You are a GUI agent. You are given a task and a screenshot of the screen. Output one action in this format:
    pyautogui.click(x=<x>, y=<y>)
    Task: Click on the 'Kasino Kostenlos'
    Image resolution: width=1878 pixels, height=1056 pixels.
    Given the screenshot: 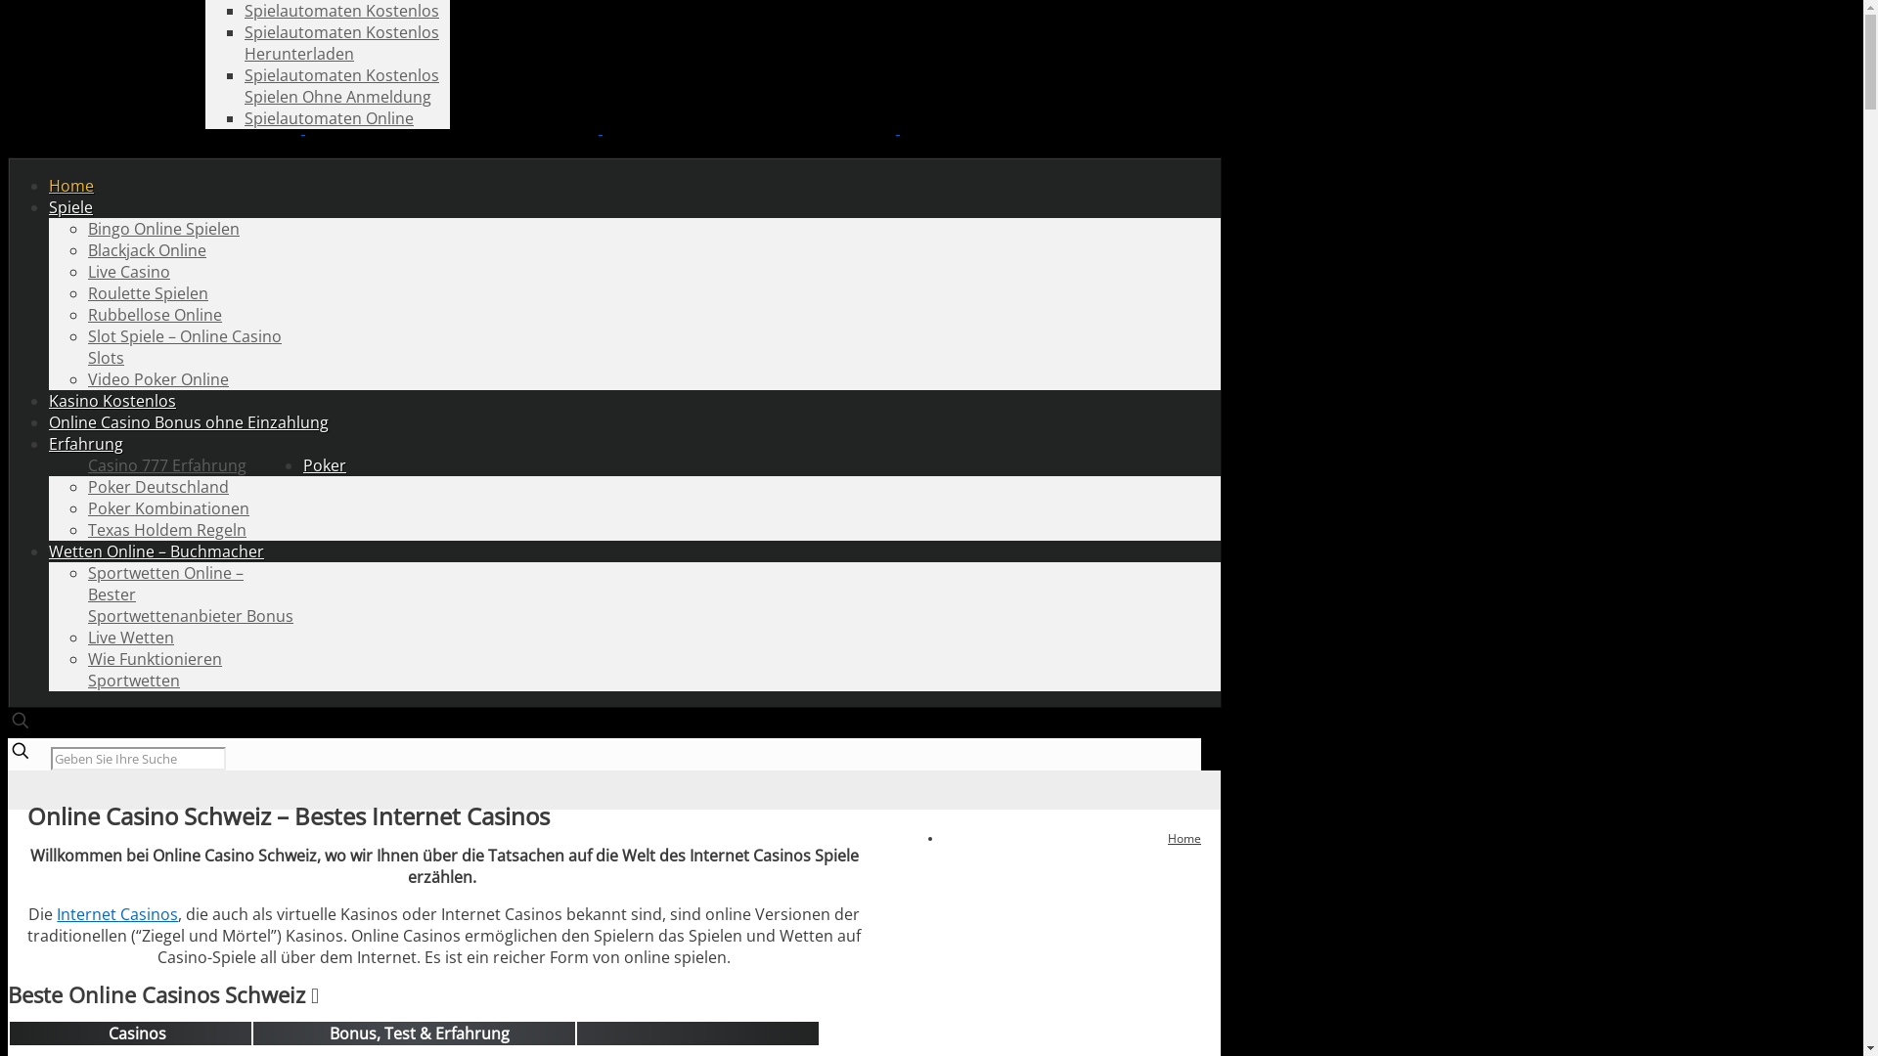 What is the action you would take?
    pyautogui.click(x=112, y=399)
    